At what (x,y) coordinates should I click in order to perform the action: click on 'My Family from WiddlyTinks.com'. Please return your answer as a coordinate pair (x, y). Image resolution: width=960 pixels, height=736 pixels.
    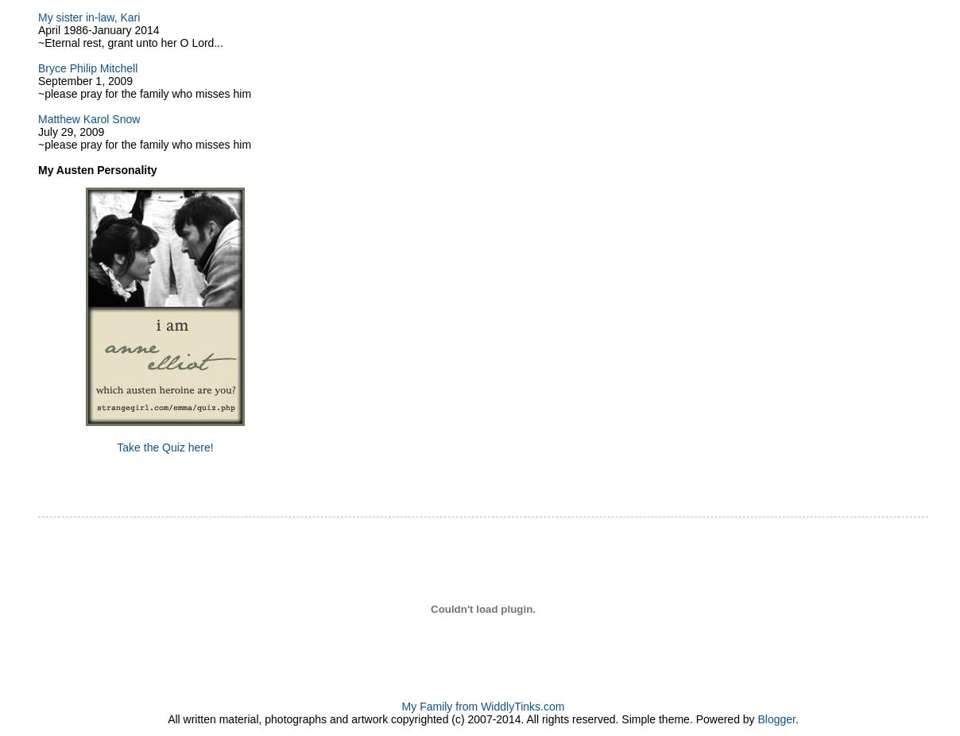
    Looking at the image, I should click on (482, 706).